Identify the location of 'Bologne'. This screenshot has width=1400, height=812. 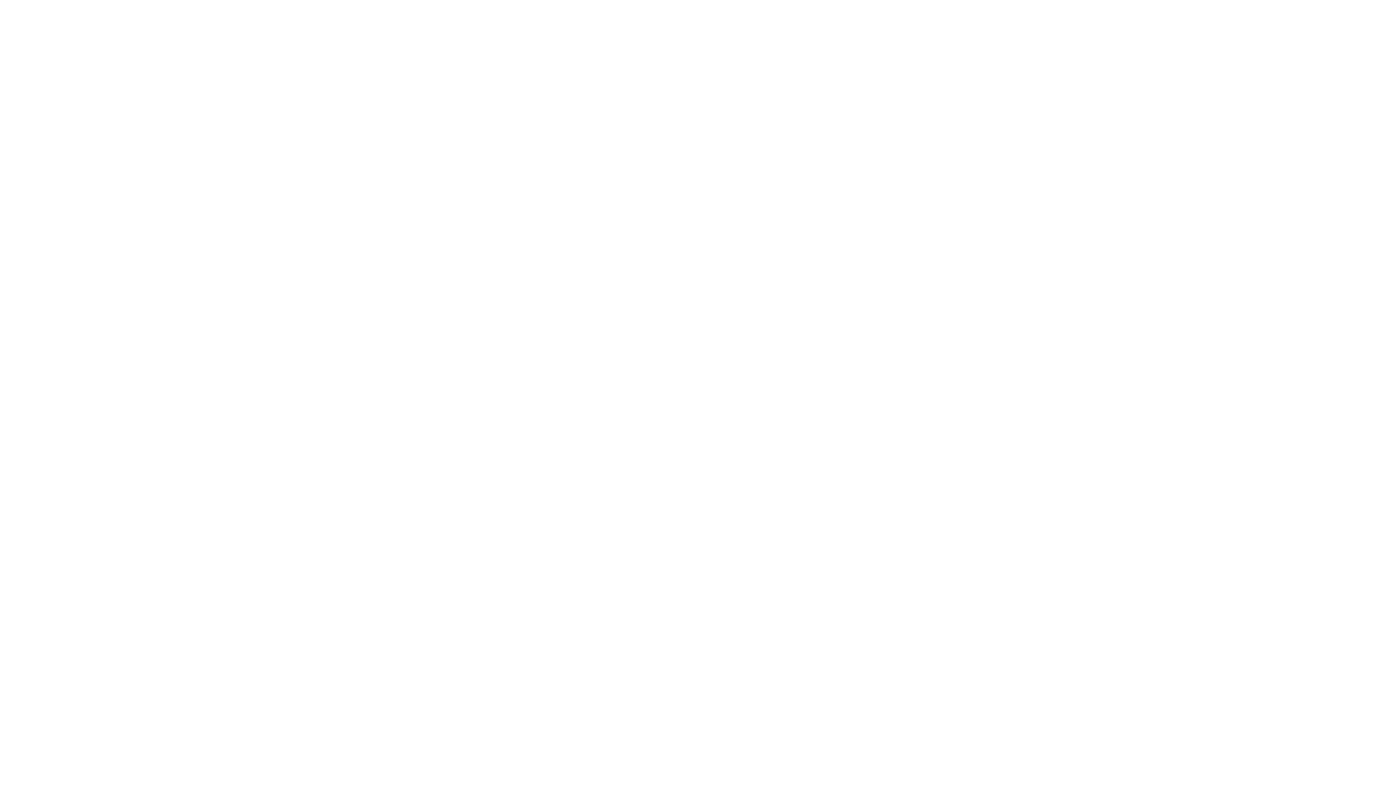
(335, 510).